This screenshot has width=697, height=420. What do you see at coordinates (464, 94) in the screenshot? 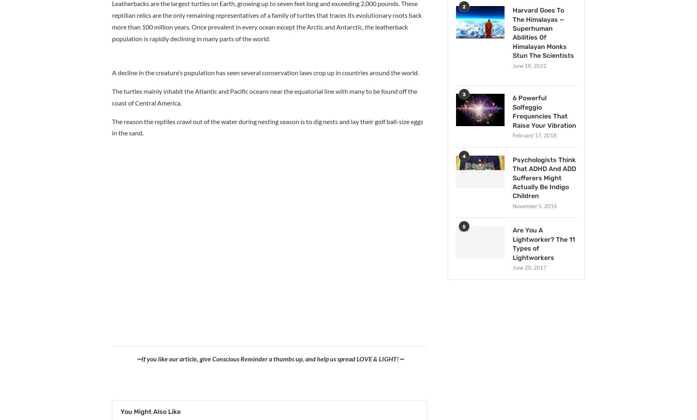
I see `'3'` at bounding box center [464, 94].